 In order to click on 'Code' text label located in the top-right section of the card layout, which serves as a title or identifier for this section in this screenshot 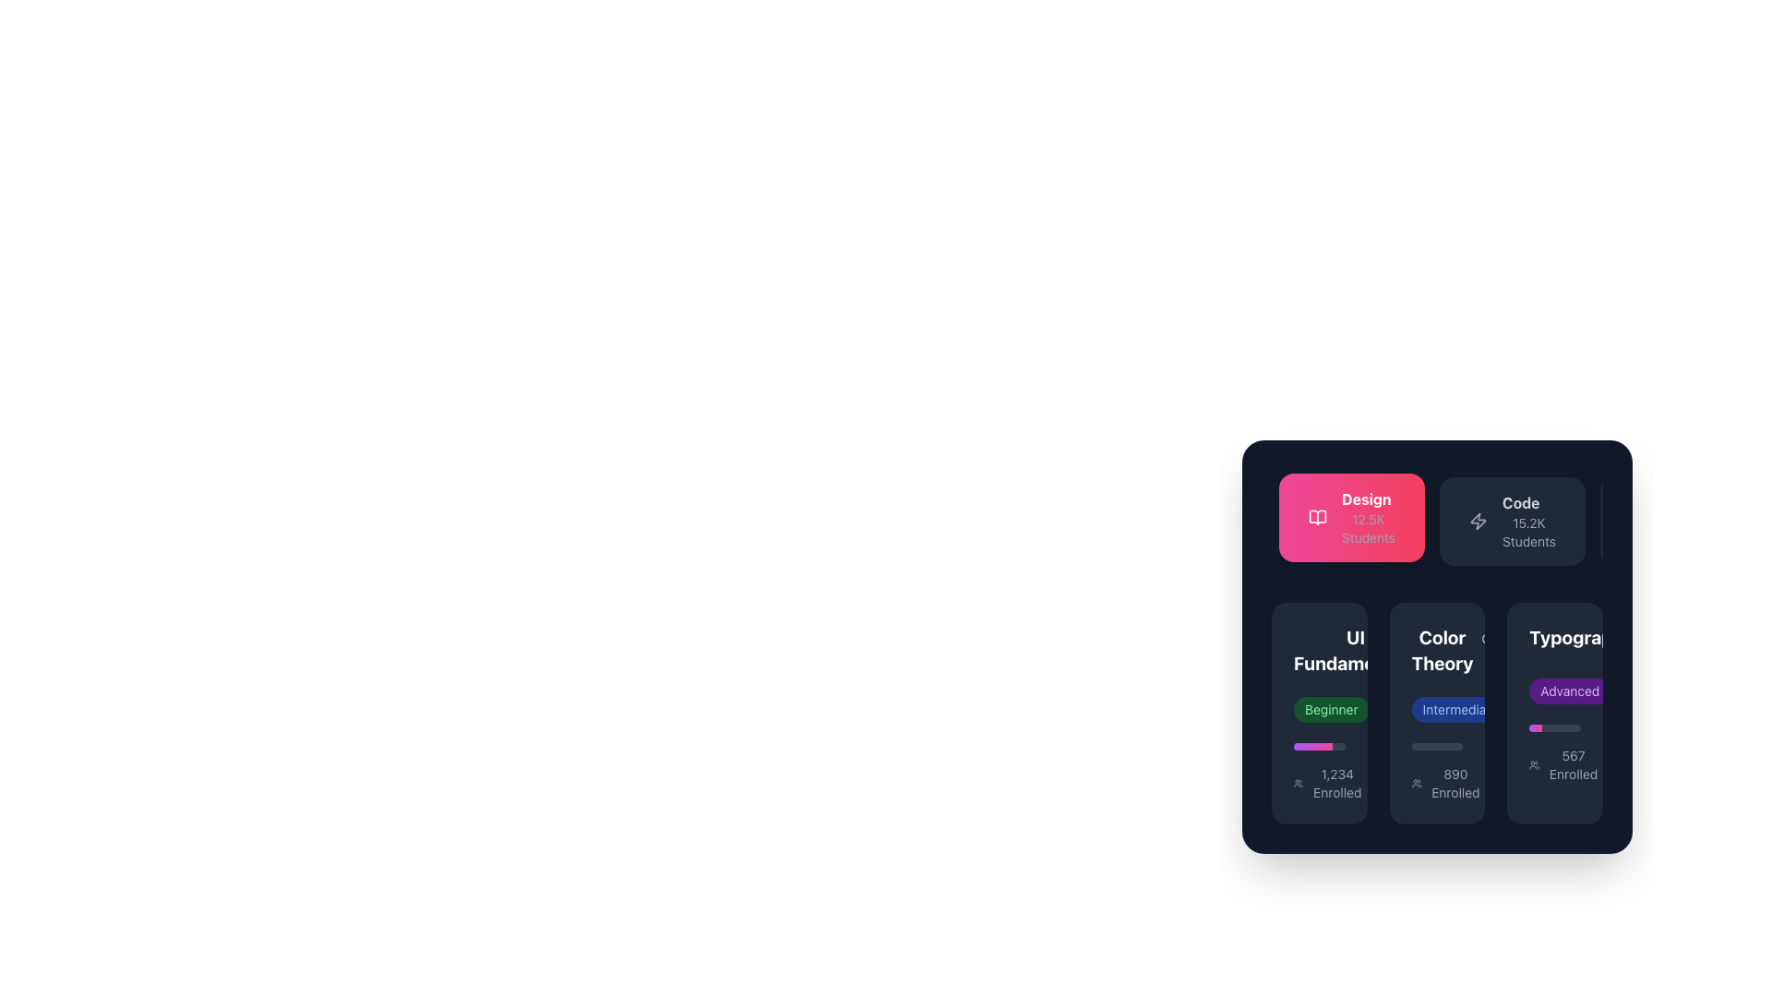, I will do `click(1521, 502)`.